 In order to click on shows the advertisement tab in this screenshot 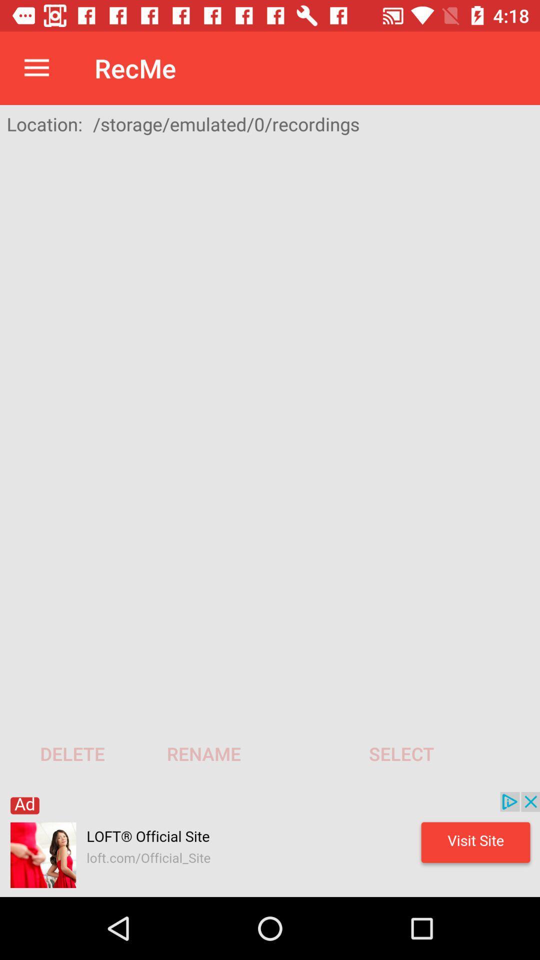, I will do `click(270, 844)`.